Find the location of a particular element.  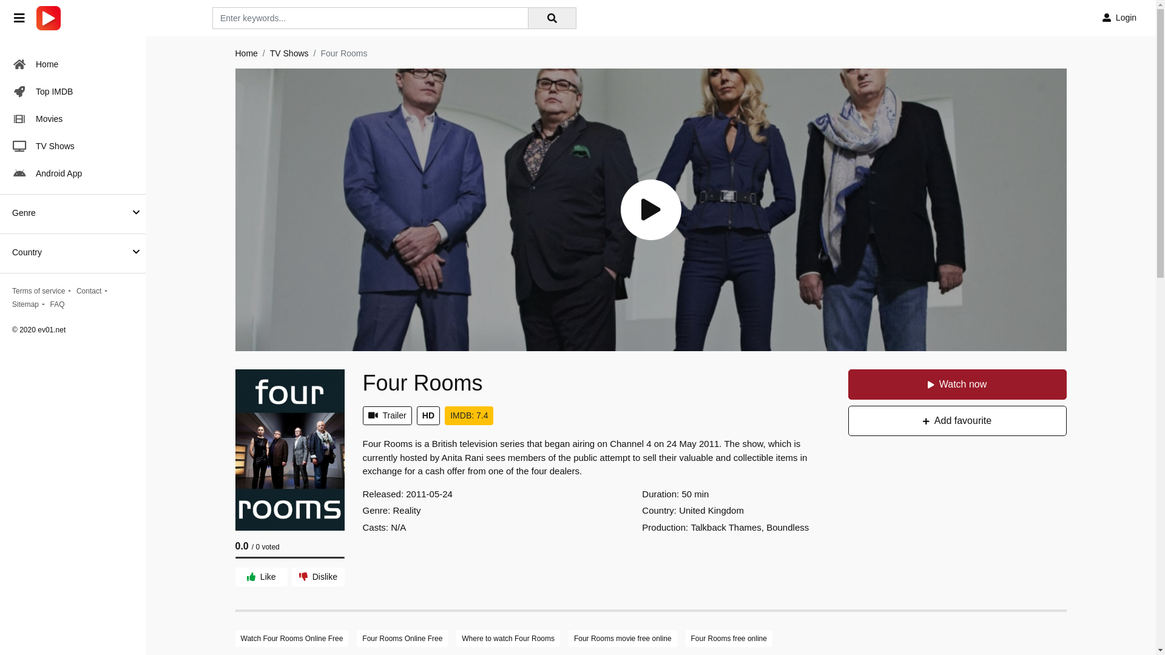

'Terms of service' is located at coordinates (38, 291).